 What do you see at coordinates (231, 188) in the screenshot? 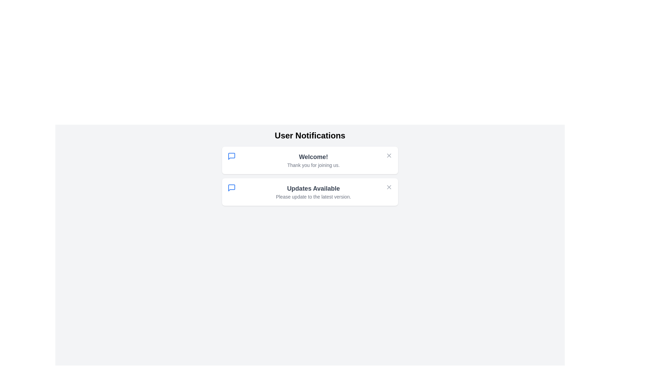
I see `the notification icon in the lower notification box that indicates 'Updates Available'` at bounding box center [231, 188].